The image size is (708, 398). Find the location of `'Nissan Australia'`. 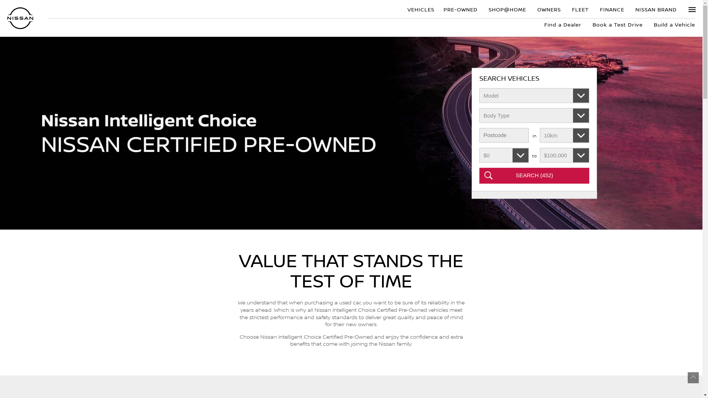

'Nissan Australia' is located at coordinates (7, 18).